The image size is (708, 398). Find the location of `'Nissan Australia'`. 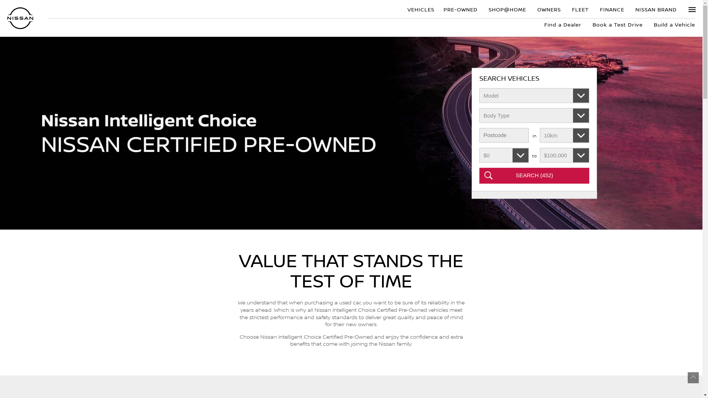

'Nissan Australia' is located at coordinates (7, 18).